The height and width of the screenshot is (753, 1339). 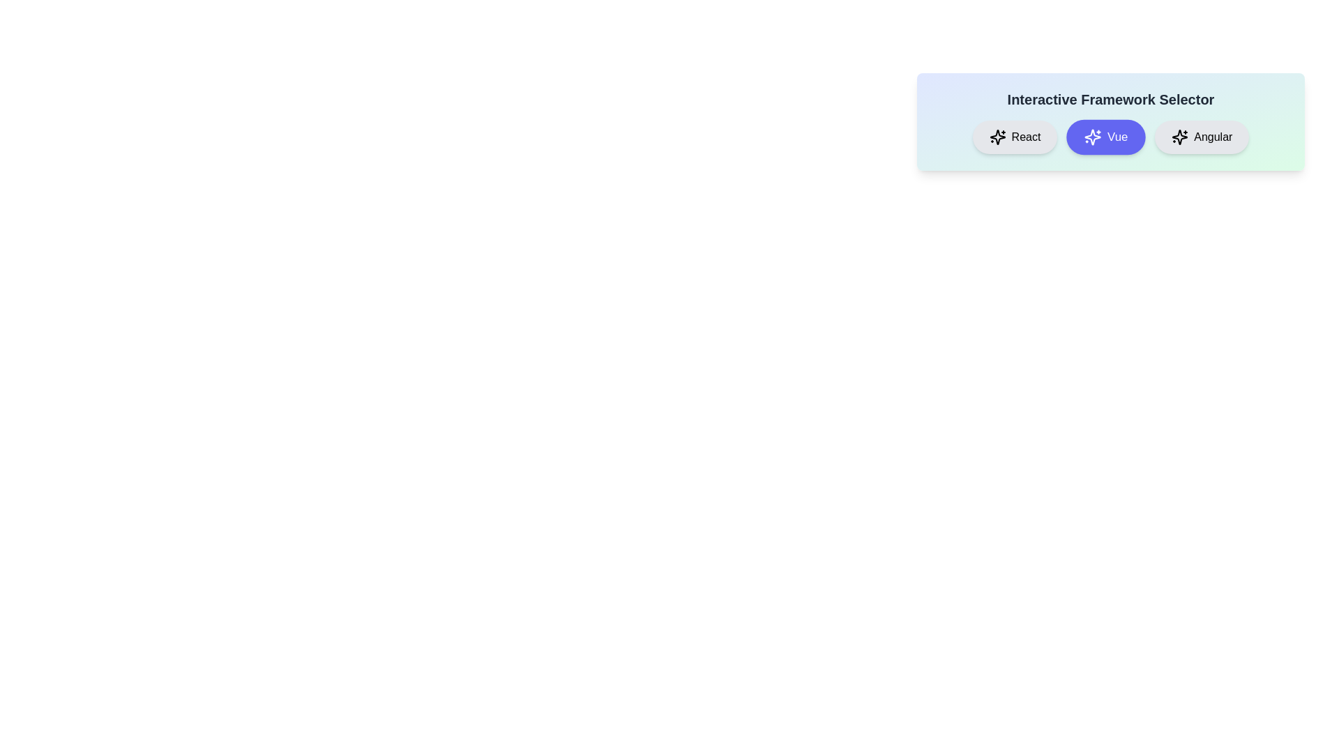 I want to click on the chip labeled Angular, so click(x=1201, y=137).